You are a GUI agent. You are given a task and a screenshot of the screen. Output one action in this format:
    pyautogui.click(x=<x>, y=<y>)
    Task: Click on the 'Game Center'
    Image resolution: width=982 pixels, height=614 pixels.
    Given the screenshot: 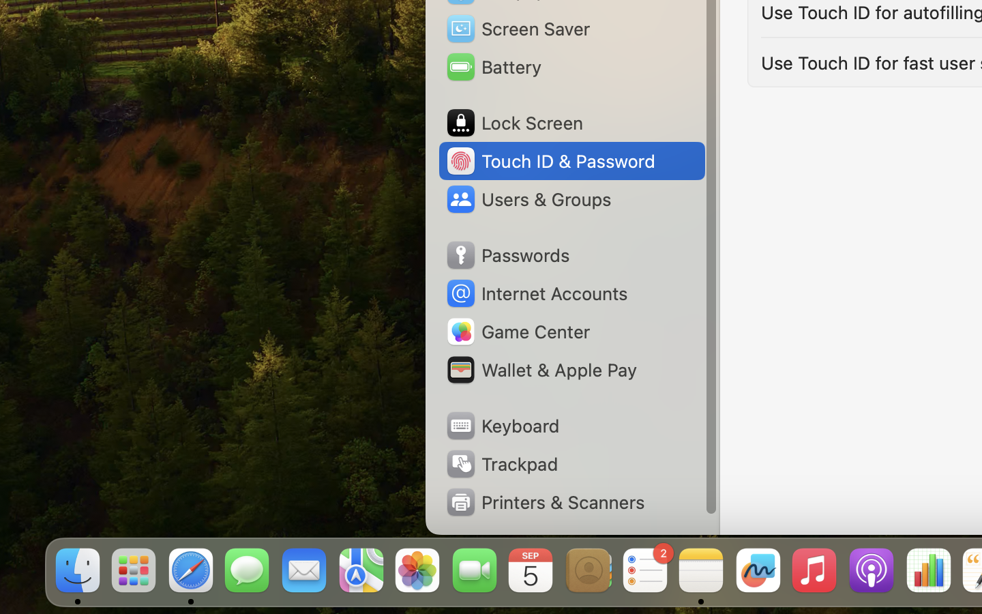 What is the action you would take?
    pyautogui.click(x=517, y=331)
    